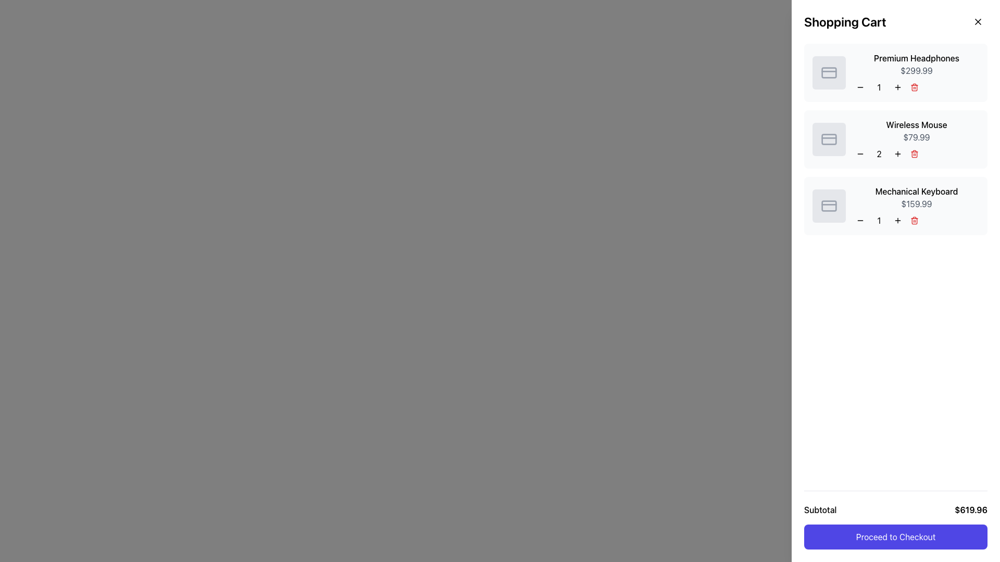 This screenshot has height=562, width=1000. Describe the element at coordinates (897, 154) in the screenshot. I see `the button to increment the quantity of the 'Wireless Mouse' item in the shopping cart, located to the right of the quantity display` at that location.